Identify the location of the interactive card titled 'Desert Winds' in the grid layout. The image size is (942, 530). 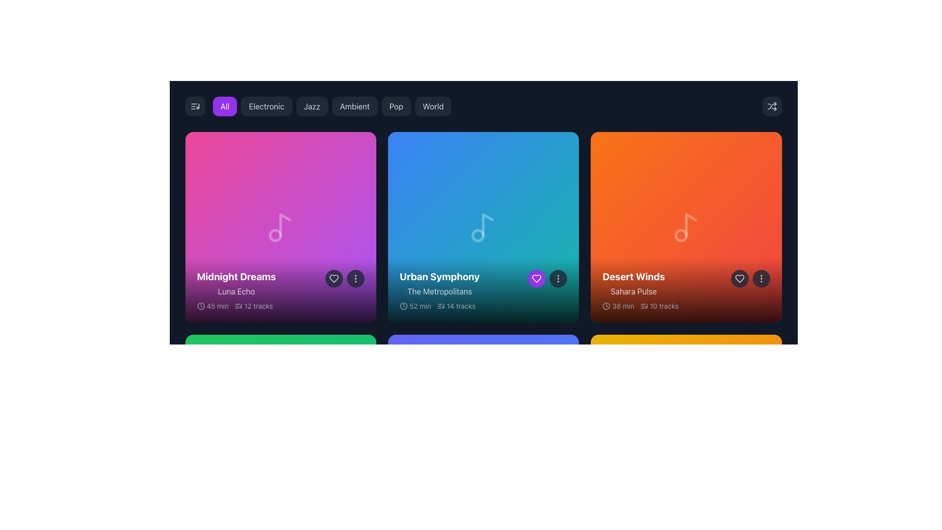
(685, 227).